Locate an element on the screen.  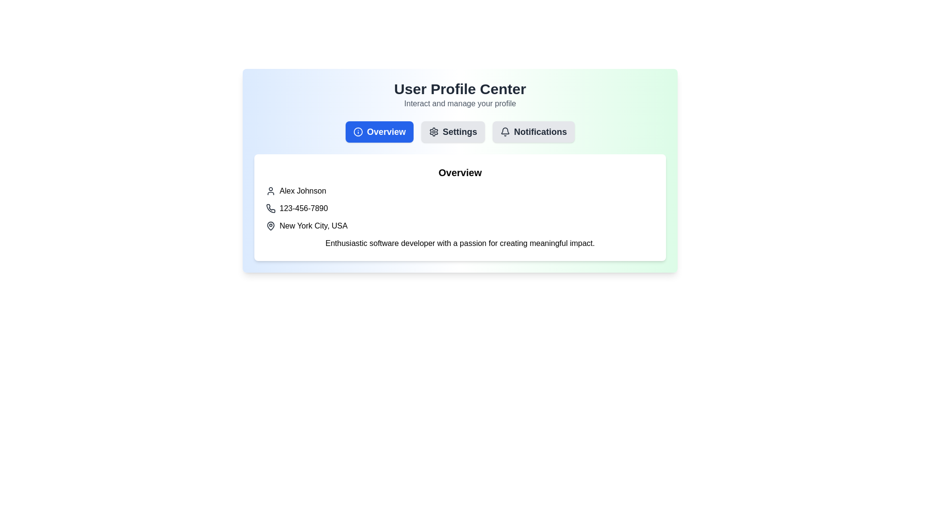
the 'Notifications' icon located in the header menu to interact with the associated tooltip is located at coordinates (505, 132).